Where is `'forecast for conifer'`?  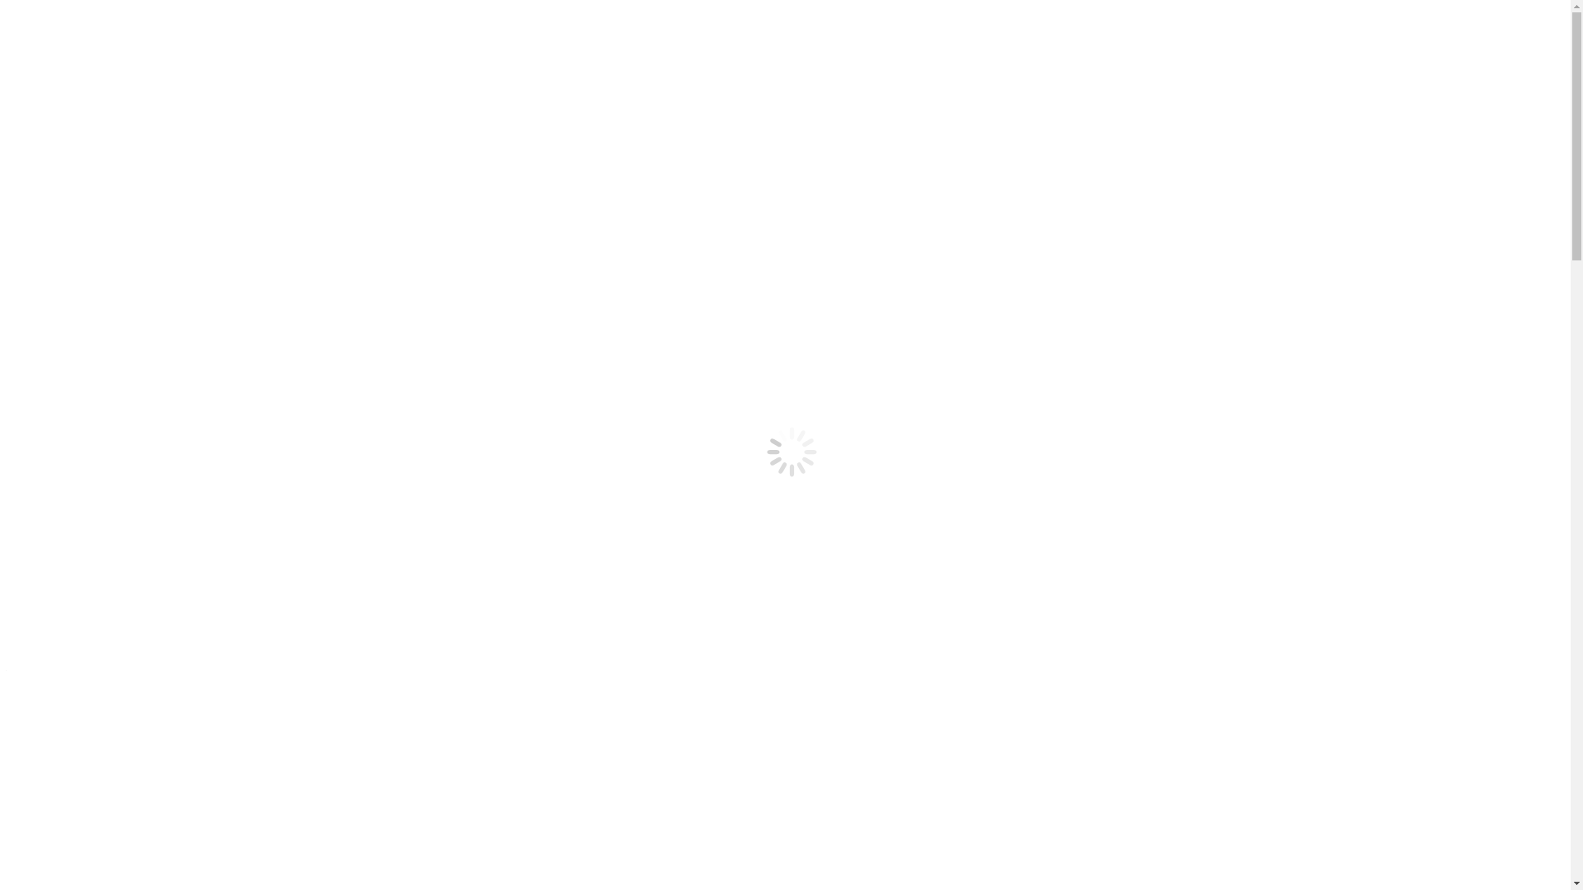
'forecast for conifer' is located at coordinates (534, 829).